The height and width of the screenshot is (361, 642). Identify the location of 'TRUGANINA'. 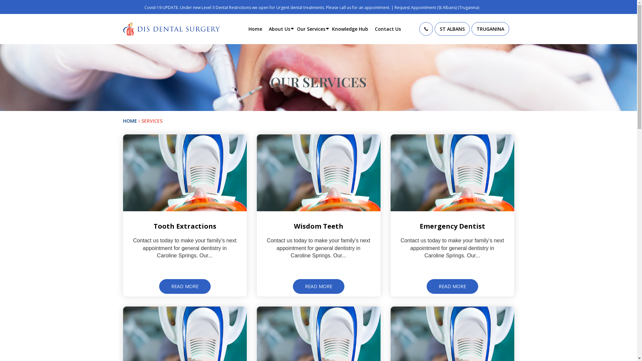
(490, 28).